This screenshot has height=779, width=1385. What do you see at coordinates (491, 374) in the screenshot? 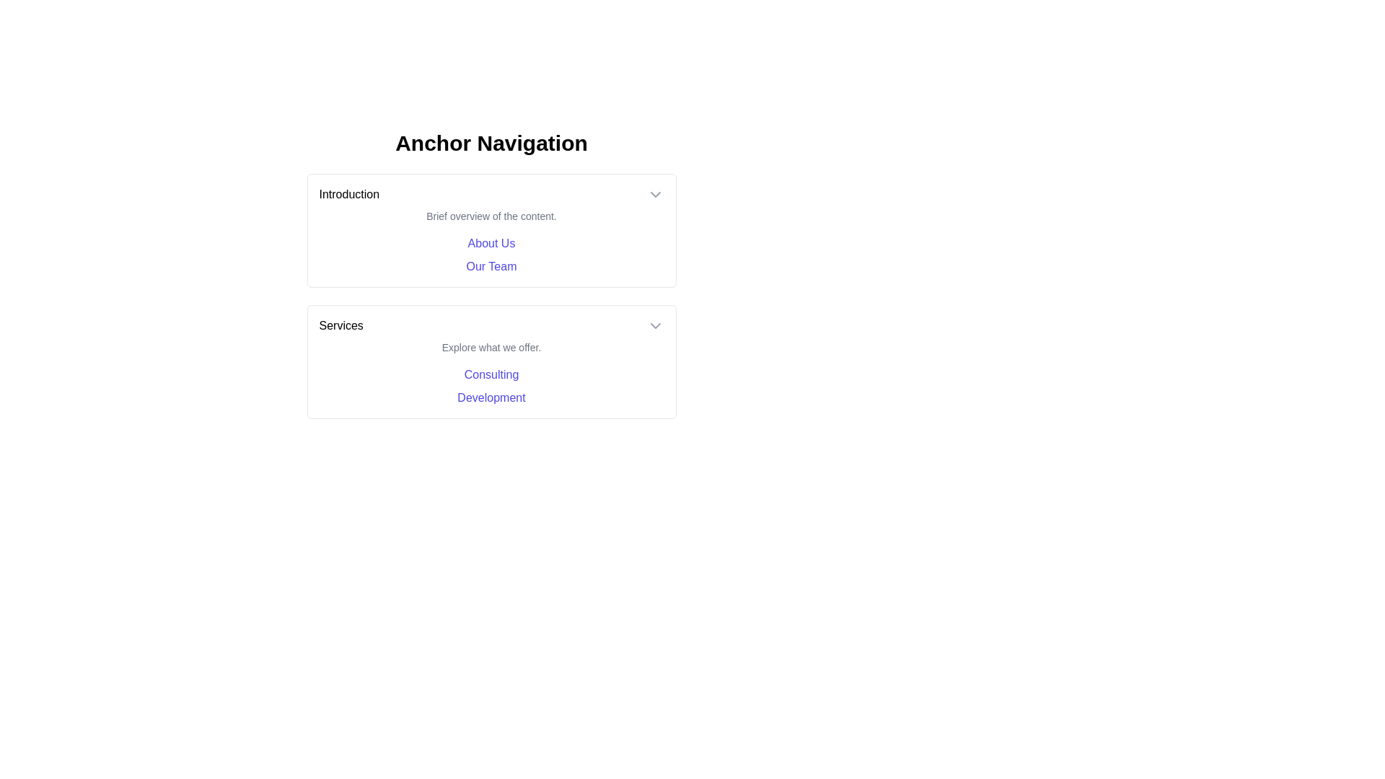
I see `the 'Consulting' hyperlink, which is styled as underlined, indigo-colored text and located under the 'Services' section, directly above the 'Development' link` at bounding box center [491, 374].